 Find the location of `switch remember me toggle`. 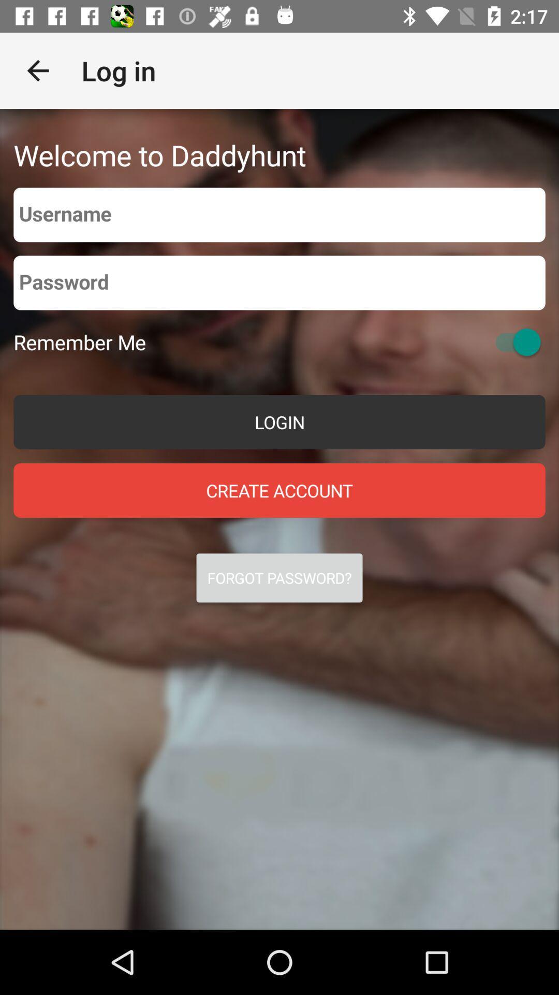

switch remember me toggle is located at coordinates (513, 342).